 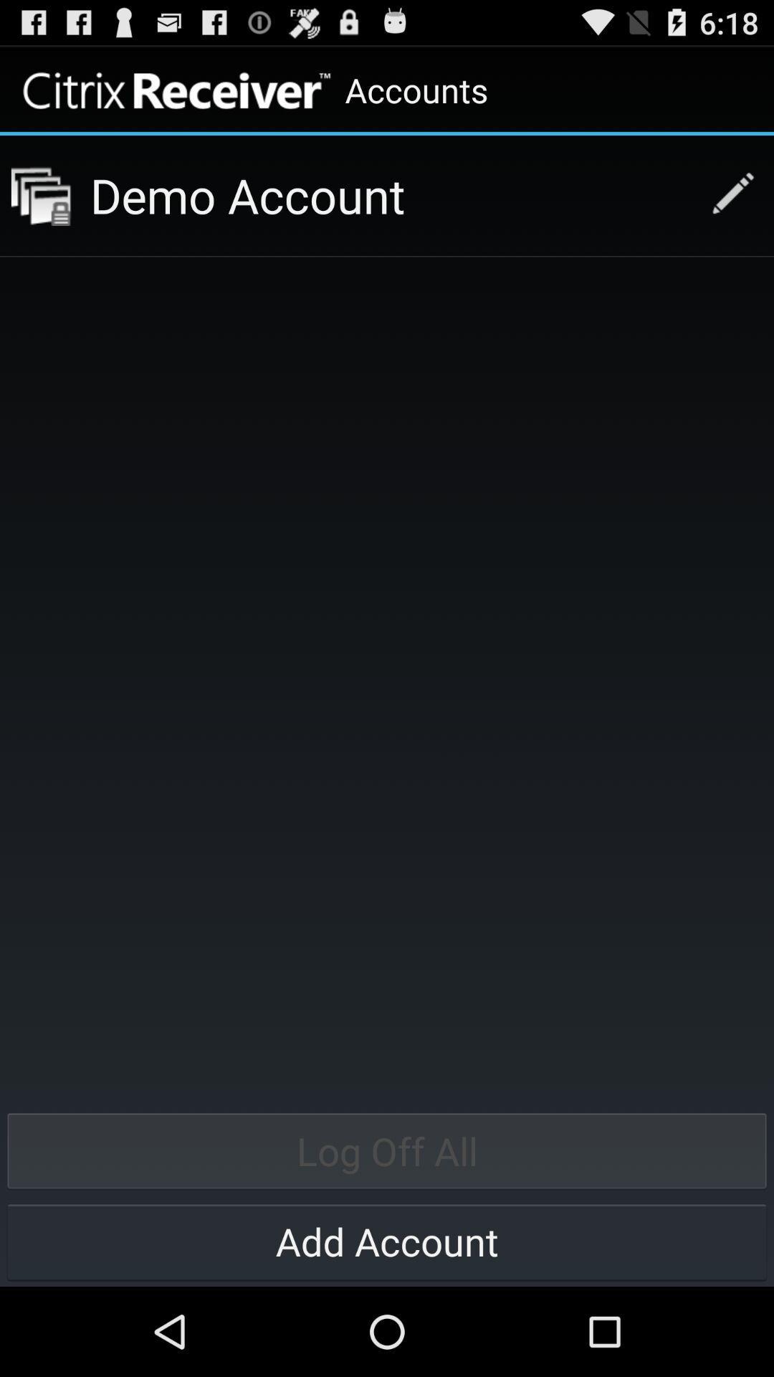 What do you see at coordinates (387, 1150) in the screenshot?
I see `icon above add account icon` at bounding box center [387, 1150].